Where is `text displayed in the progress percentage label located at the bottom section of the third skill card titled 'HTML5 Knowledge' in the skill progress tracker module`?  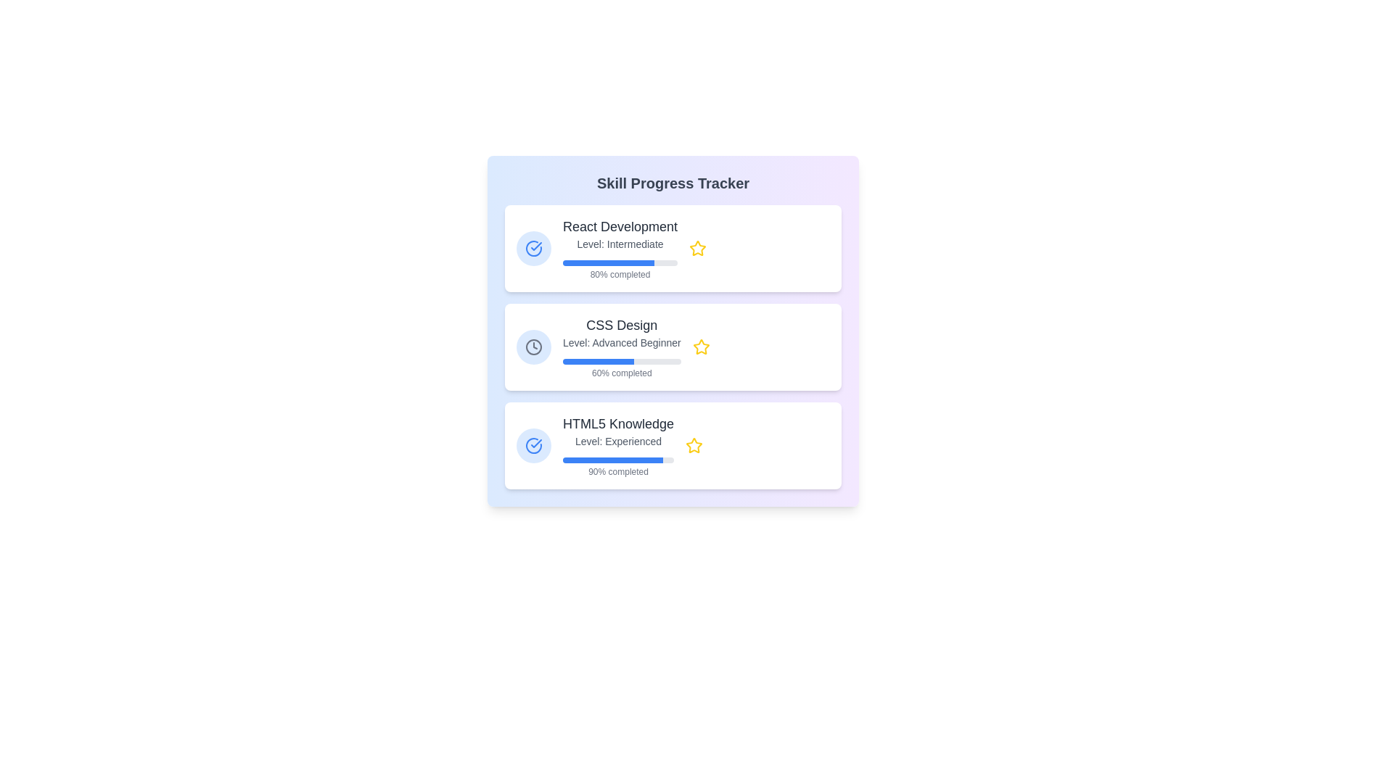
text displayed in the progress percentage label located at the bottom section of the third skill card titled 'HTML5 Knowledge' in the skill progress tracker module is located at coordinates (618, 472).